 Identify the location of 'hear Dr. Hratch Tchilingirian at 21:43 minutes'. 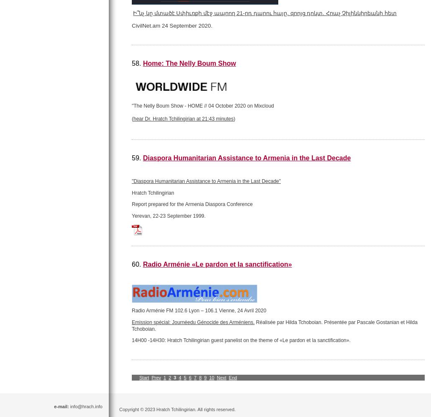
(183, 118).